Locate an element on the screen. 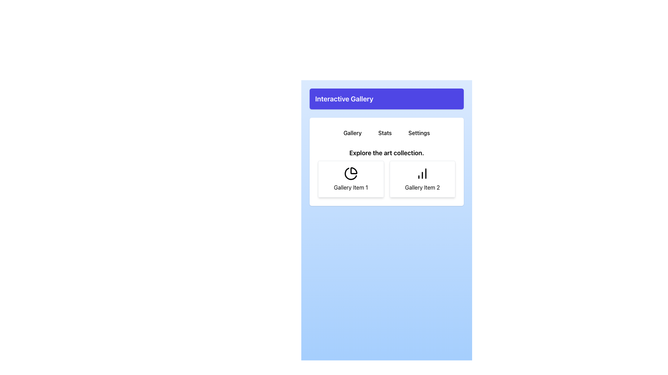 This screenshot has width=668, height=375. the vertical bar chart icon that represents 'Gallery Item 2' in the bottom row of the interactive gallery interface is located at coordinates (422, 173).